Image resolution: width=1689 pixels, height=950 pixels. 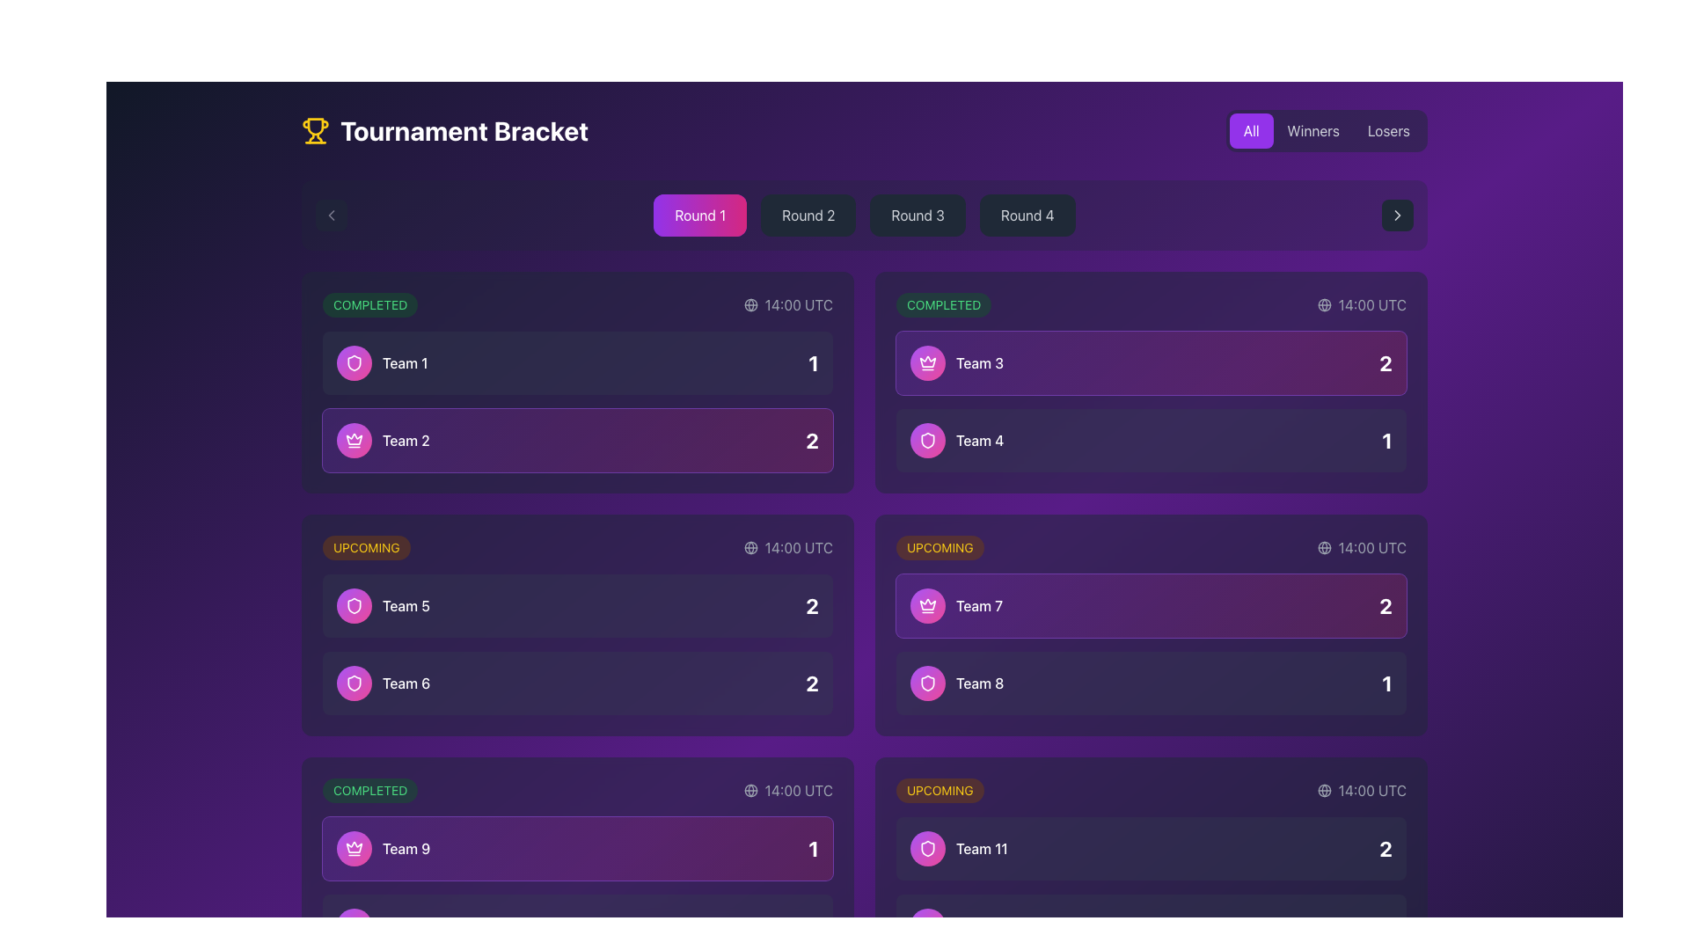 I want to click on the circular gradient icon of the List item labeled 'Team 5', so click(x=383, y=605).